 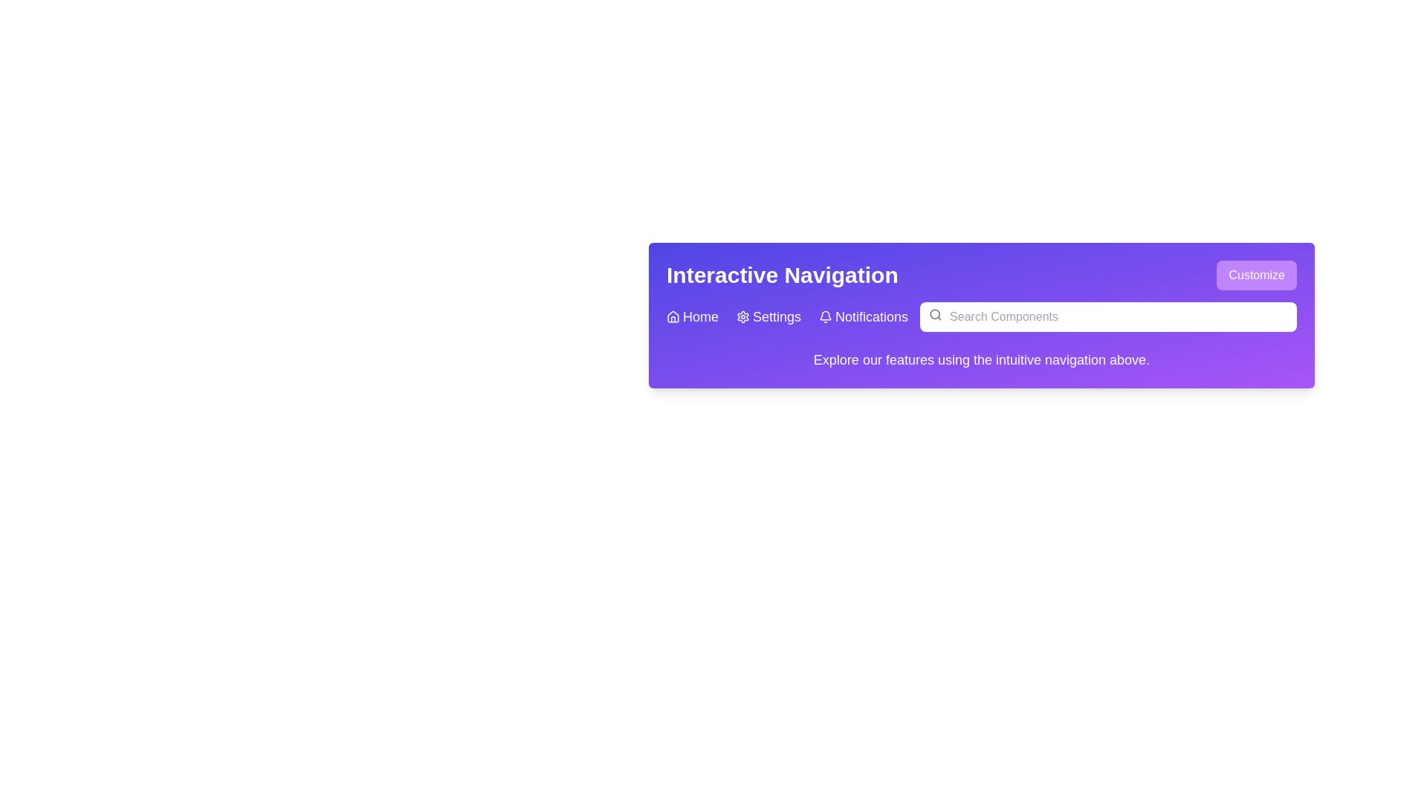 What do you see at coordinates (691, 316) in the screenshot?
I see `the 'Home' navigation link, which is the first item in the horizontal group of links in the navigation bar` at bounding box center [691, 316].